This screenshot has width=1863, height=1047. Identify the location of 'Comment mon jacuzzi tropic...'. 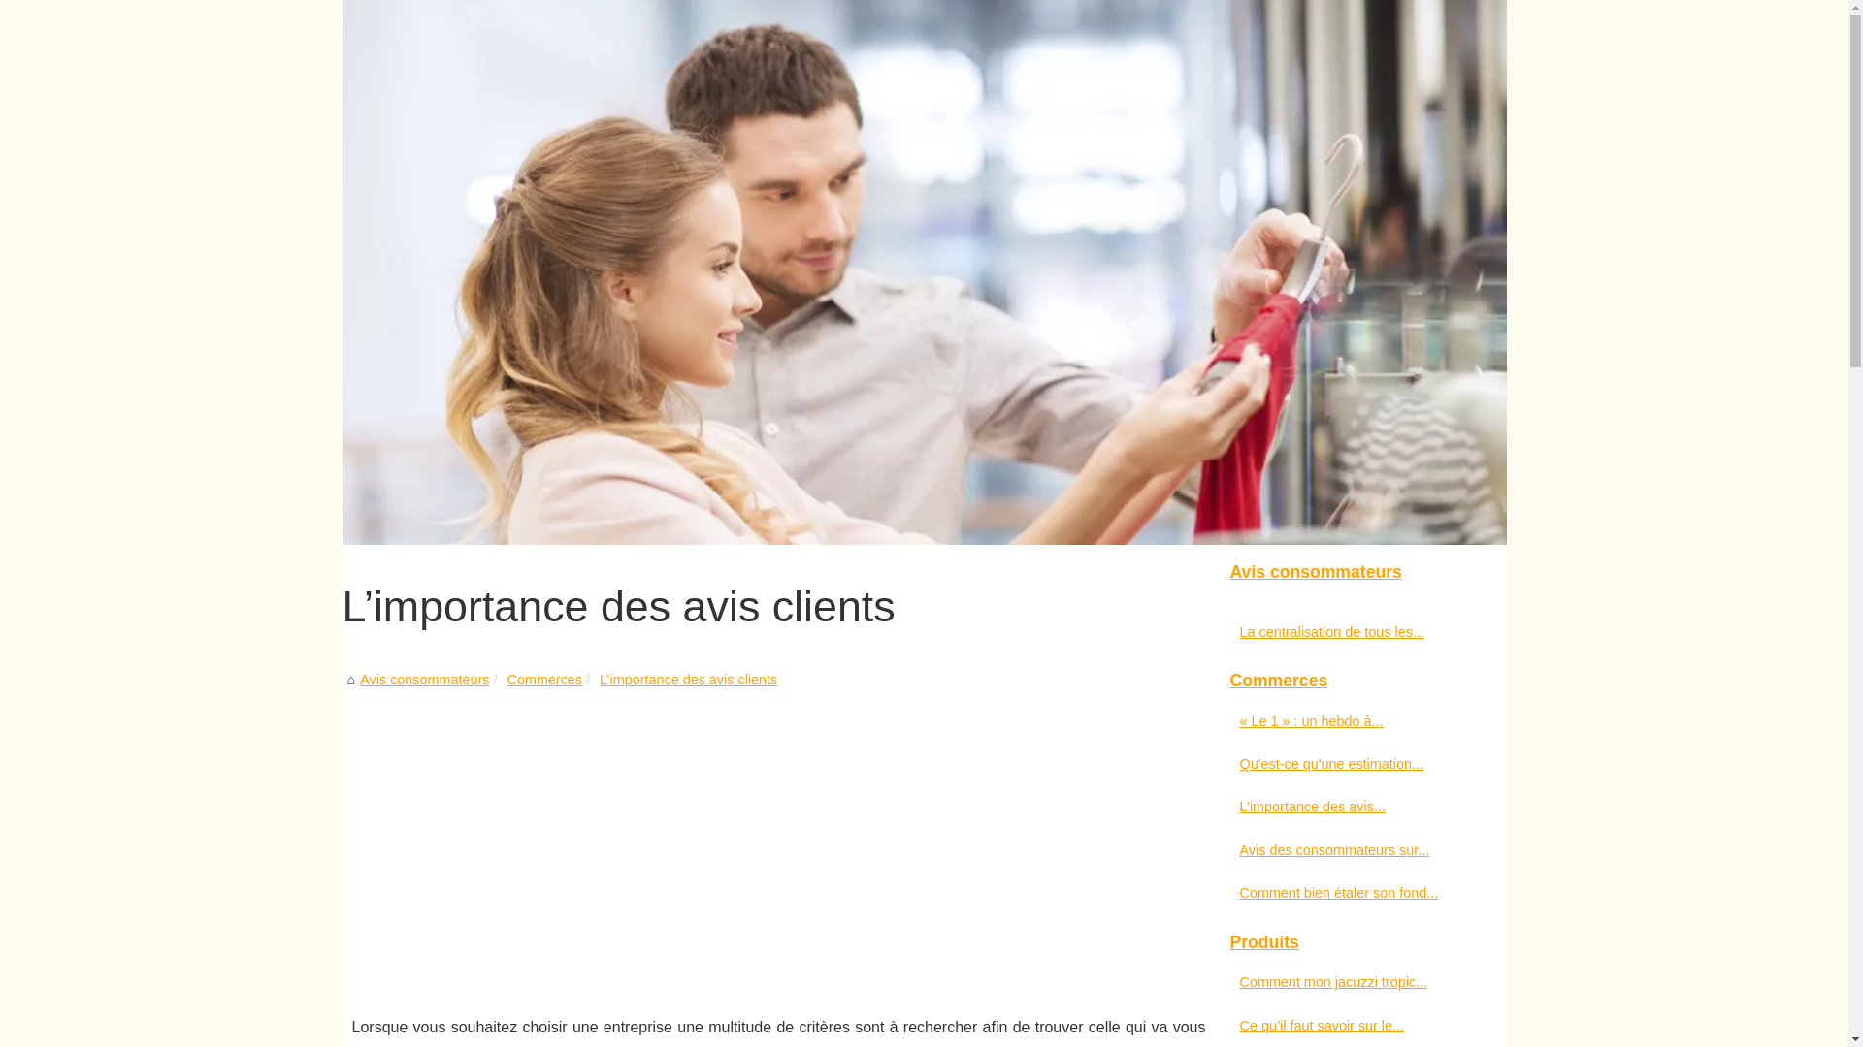
(1350, 982).